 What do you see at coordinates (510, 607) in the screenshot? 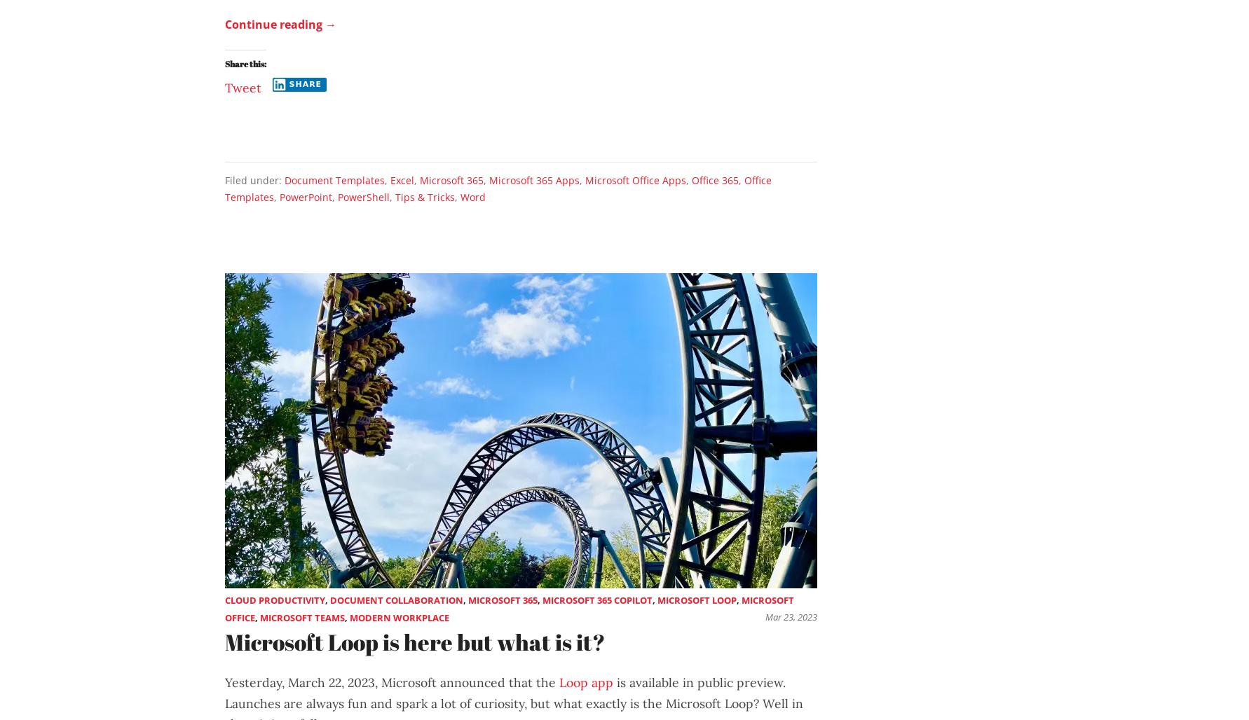
I see `'Microsoft Office'` at bounding box center [510, 607].